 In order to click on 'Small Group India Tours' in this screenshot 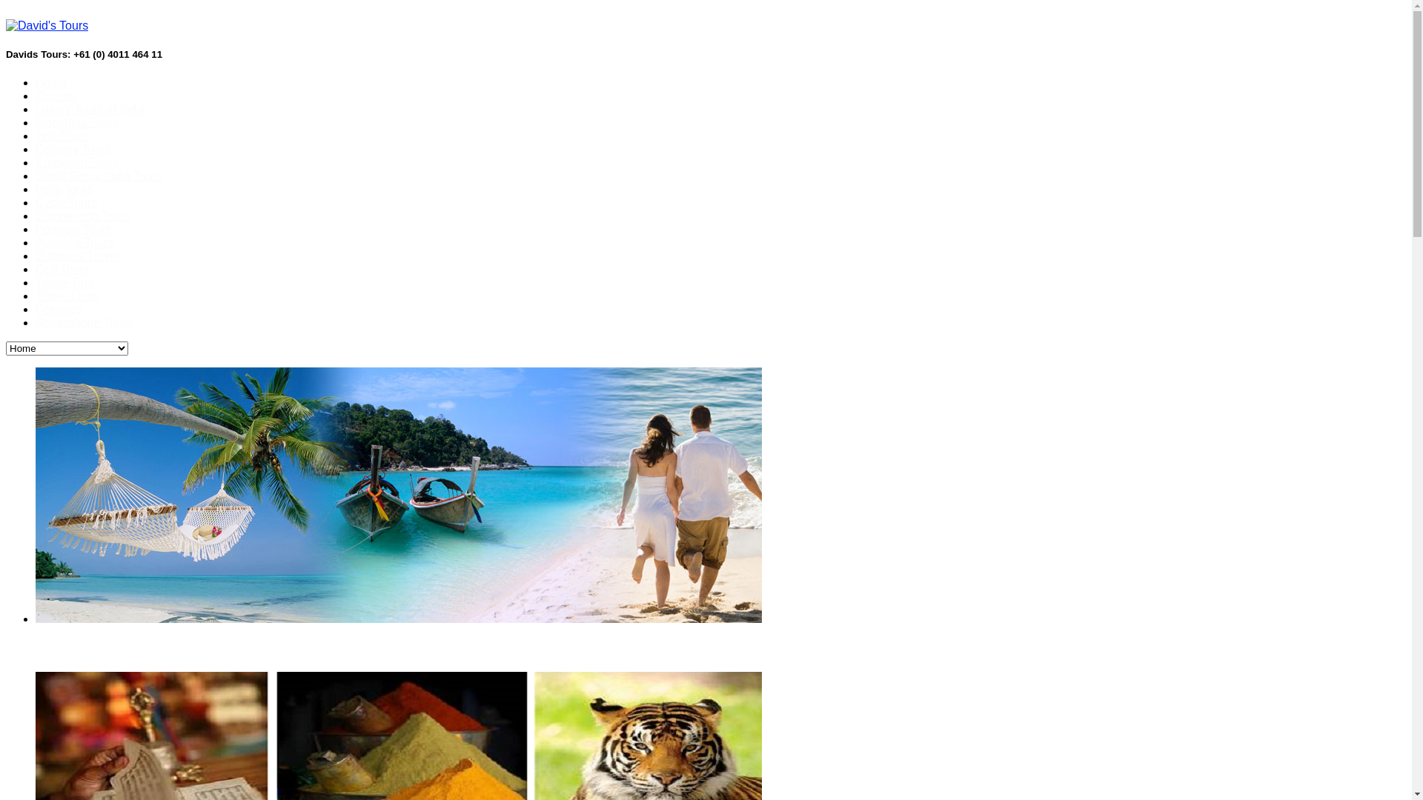, I will do `click(98, 175)`.